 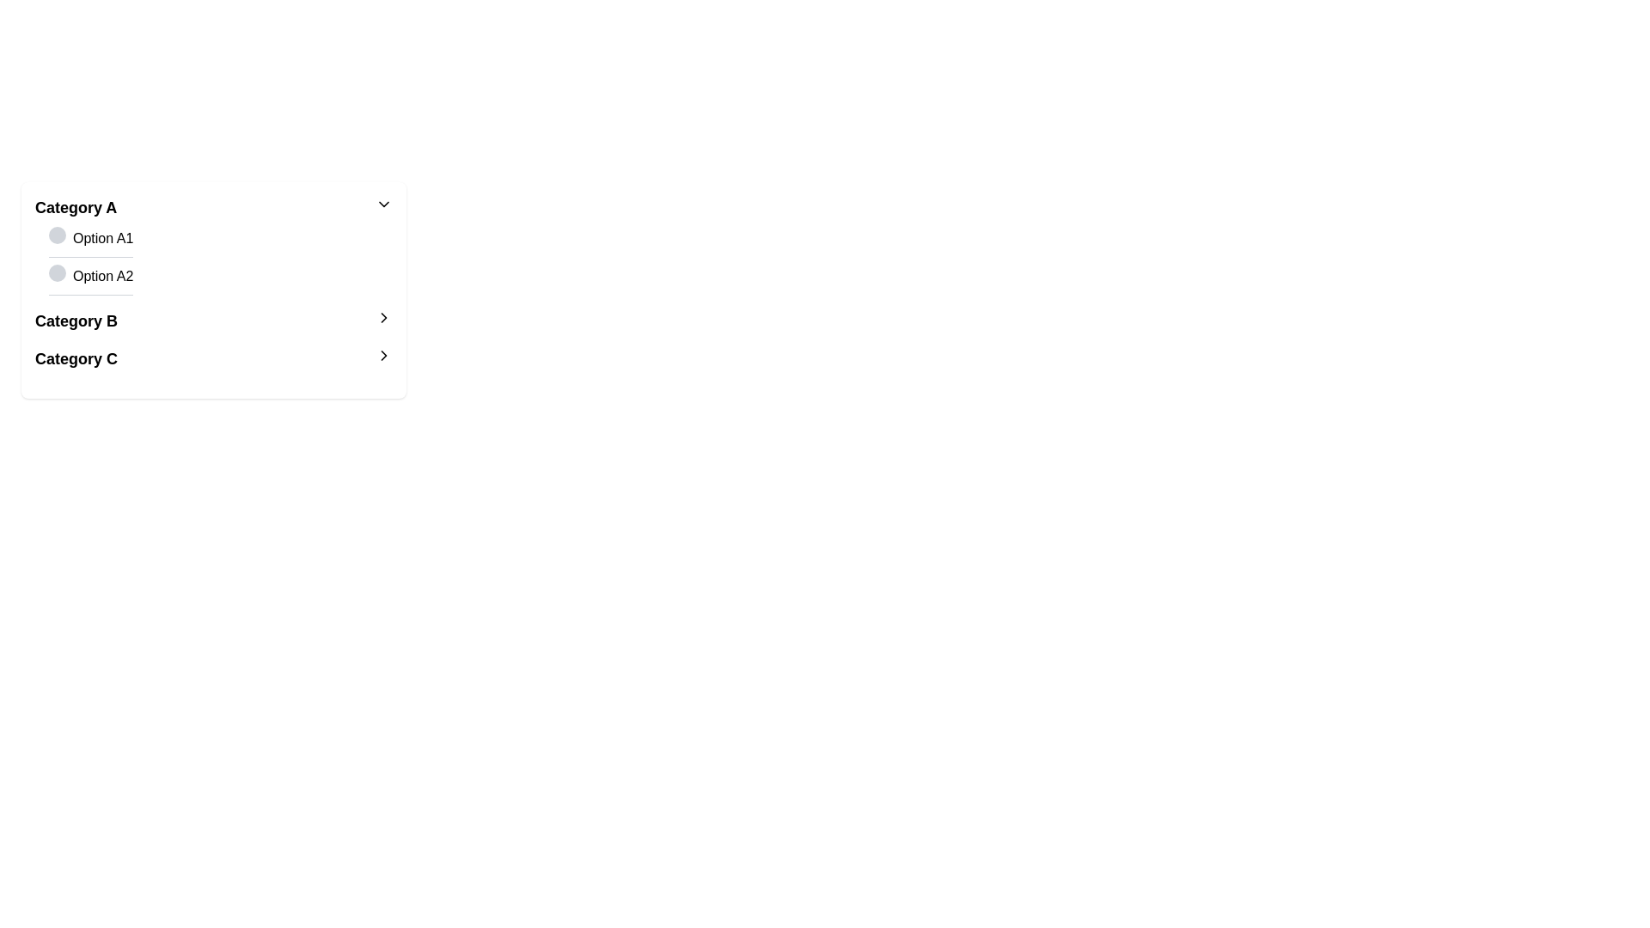 I want to click on the right-pointing chevron icon adjacent to the text 'Category B' in the second item of the list to interact with it, so click(x=382, y=318).